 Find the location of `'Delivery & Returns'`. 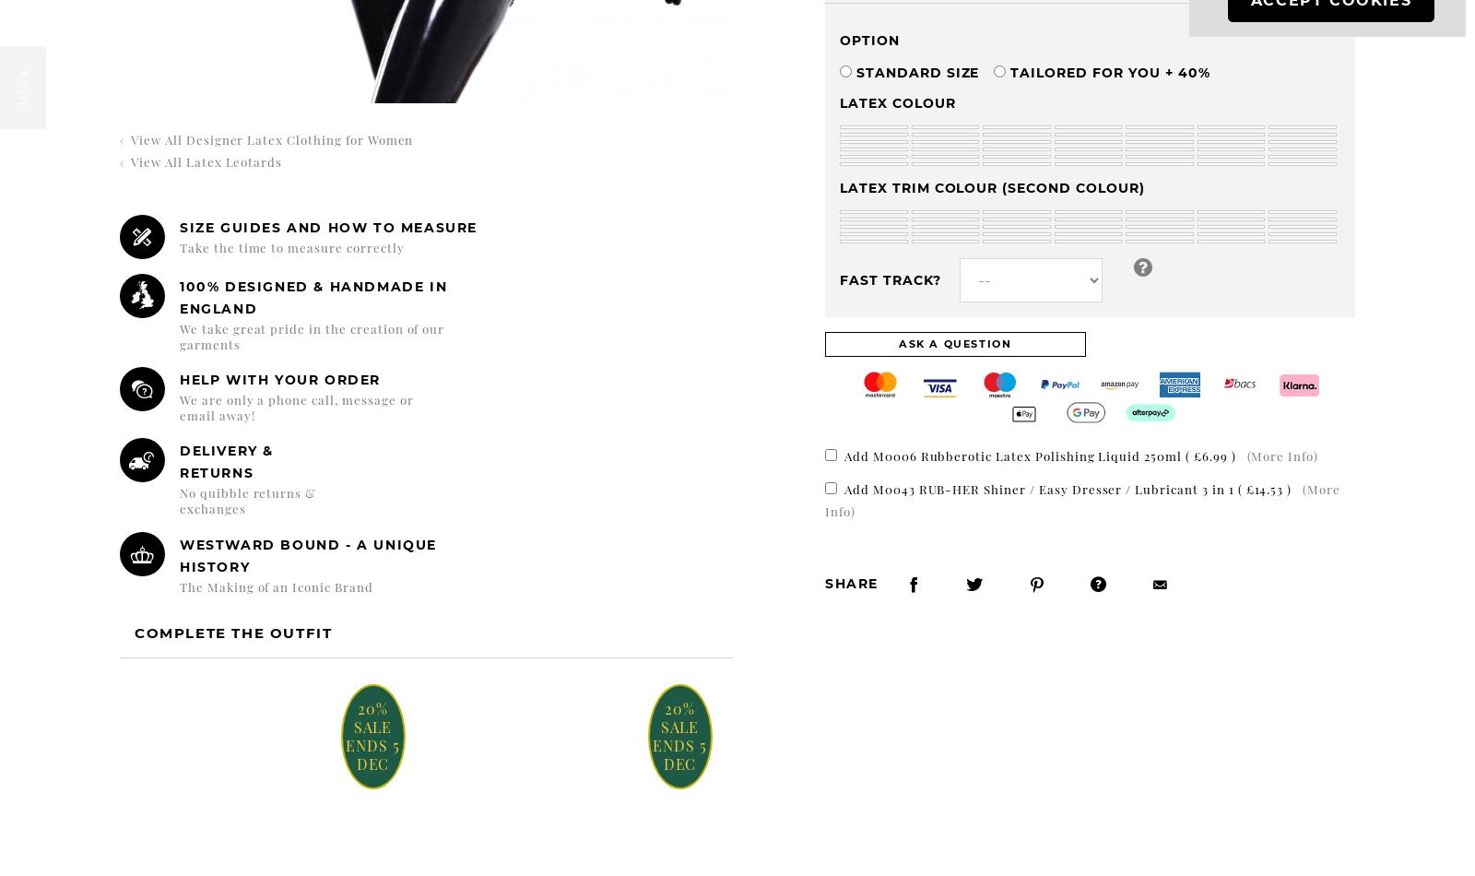

'Delivery & Returns' is located at coordinates (177, 462).